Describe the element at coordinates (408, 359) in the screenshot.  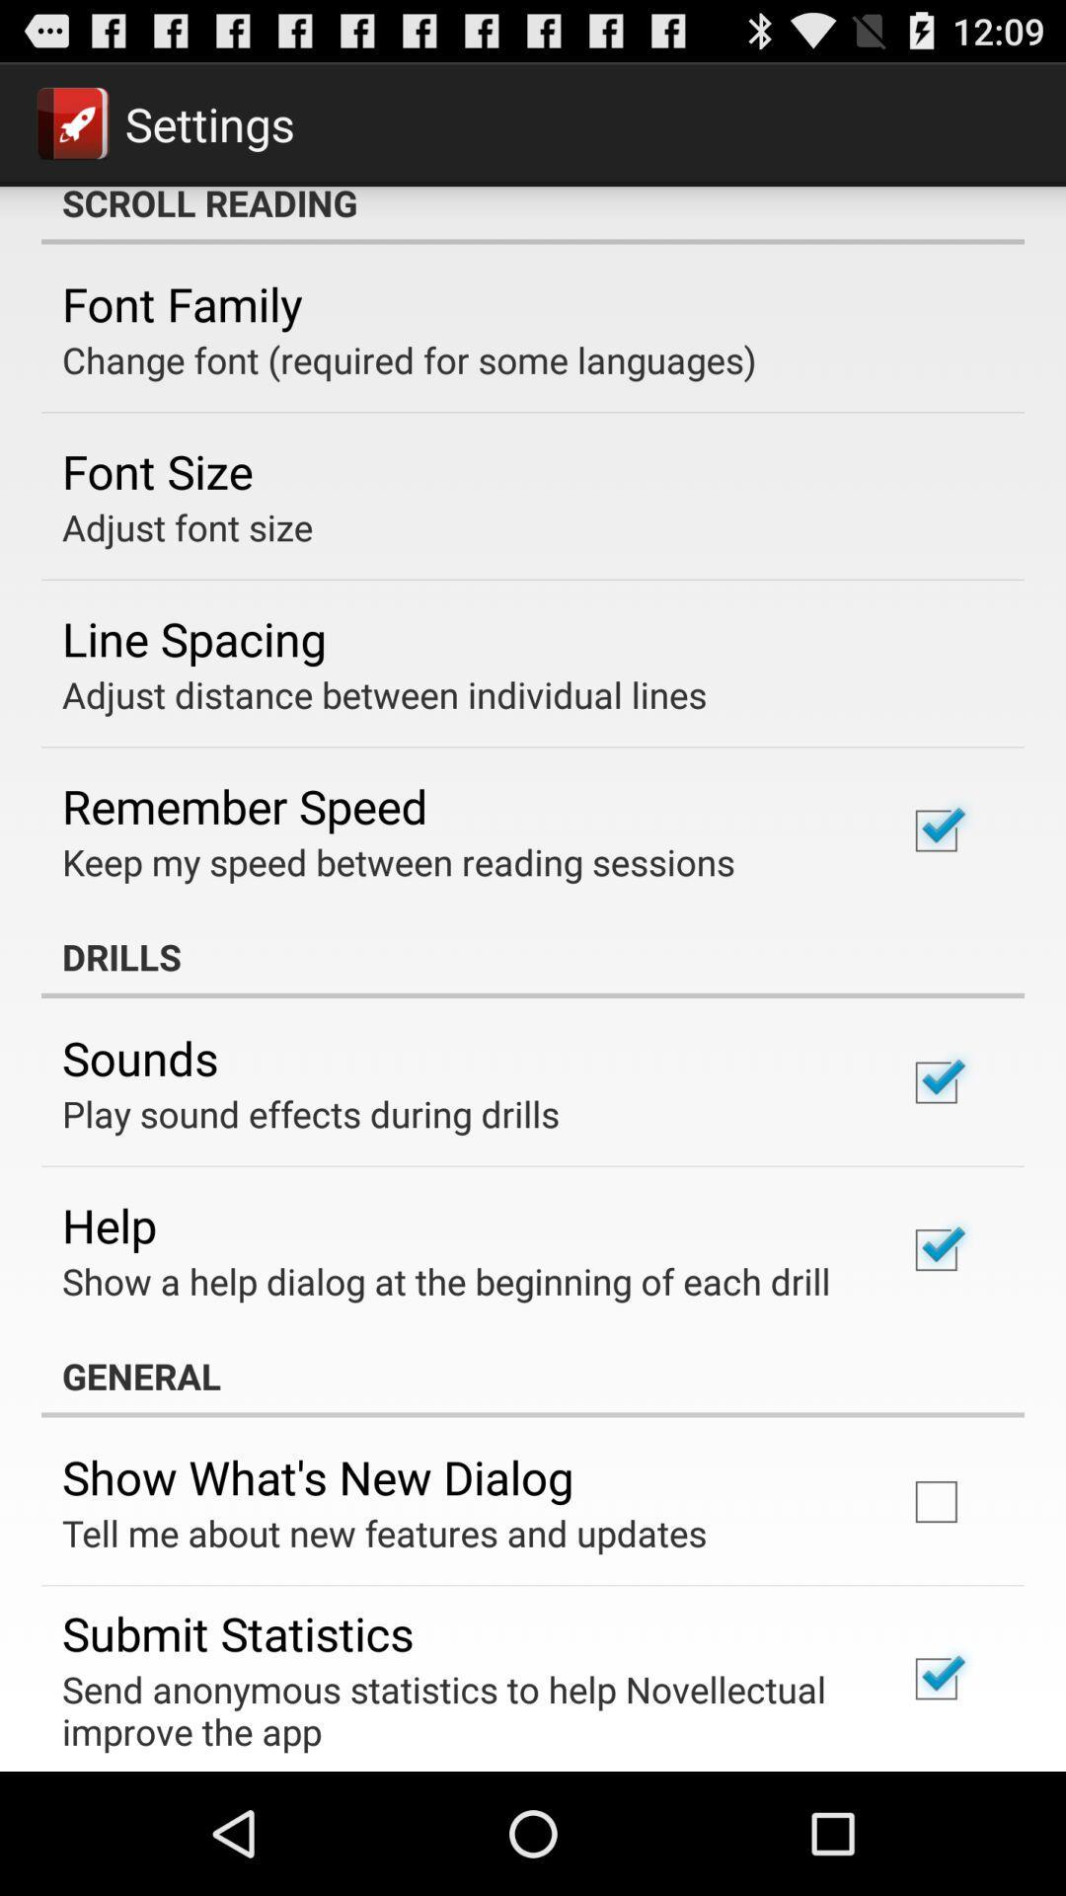
I see `the app above font size app` at that location.